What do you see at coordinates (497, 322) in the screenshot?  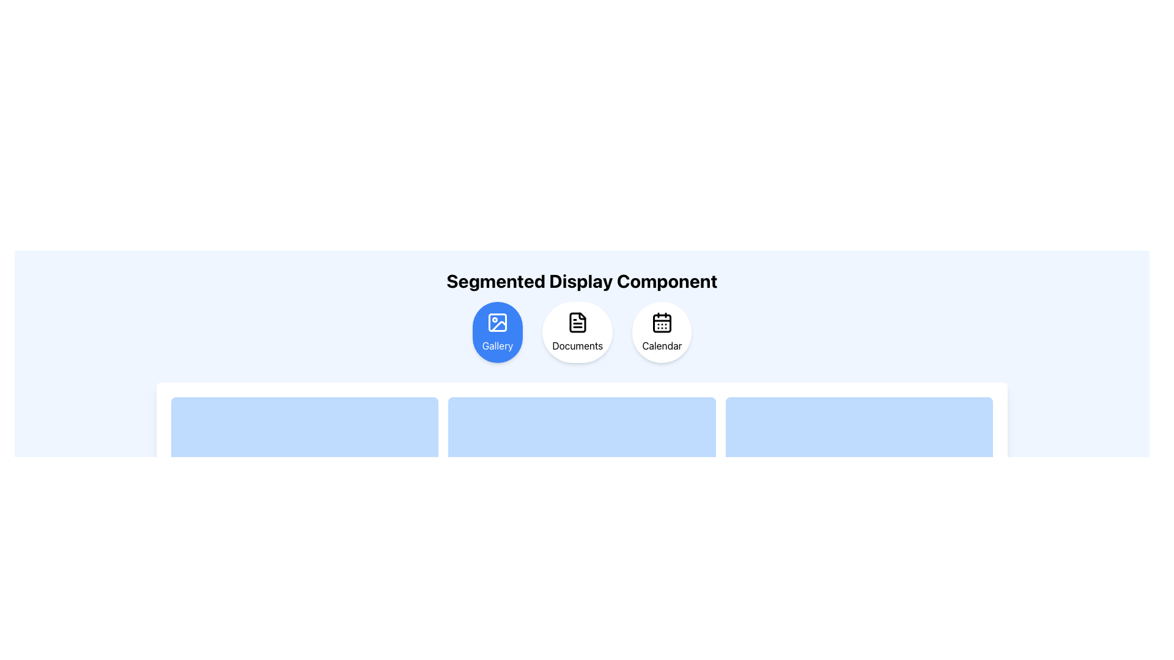 I see `the 'Gallery' button, which is the first button on the left, featuring a circular icon that represents a photo placeholder with a blue outline` at bounding box center [497, 322].